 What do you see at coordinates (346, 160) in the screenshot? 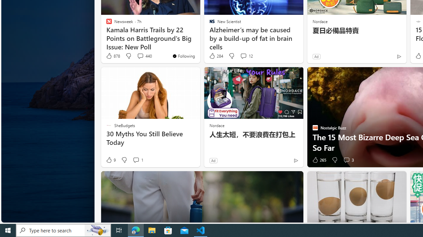
I see `'View comments 3 Comment'` at bounding box center [346, 160].